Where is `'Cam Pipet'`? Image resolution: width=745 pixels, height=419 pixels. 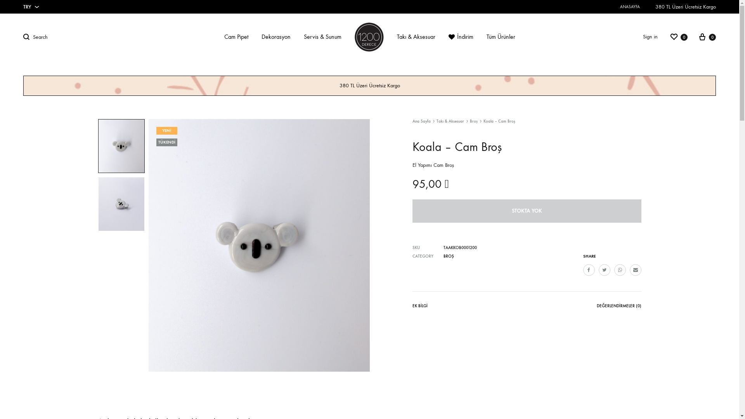 'Cam Pipet' is located at coordinates (236, 37).